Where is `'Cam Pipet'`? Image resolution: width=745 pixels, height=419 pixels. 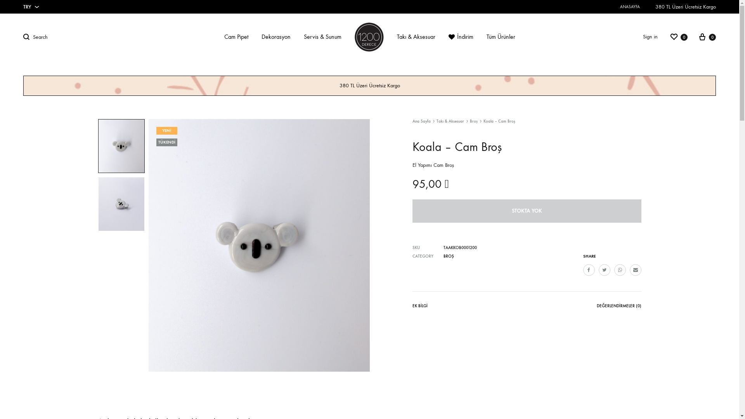 'Cam Pipet' is located at coordinates (236, 37).